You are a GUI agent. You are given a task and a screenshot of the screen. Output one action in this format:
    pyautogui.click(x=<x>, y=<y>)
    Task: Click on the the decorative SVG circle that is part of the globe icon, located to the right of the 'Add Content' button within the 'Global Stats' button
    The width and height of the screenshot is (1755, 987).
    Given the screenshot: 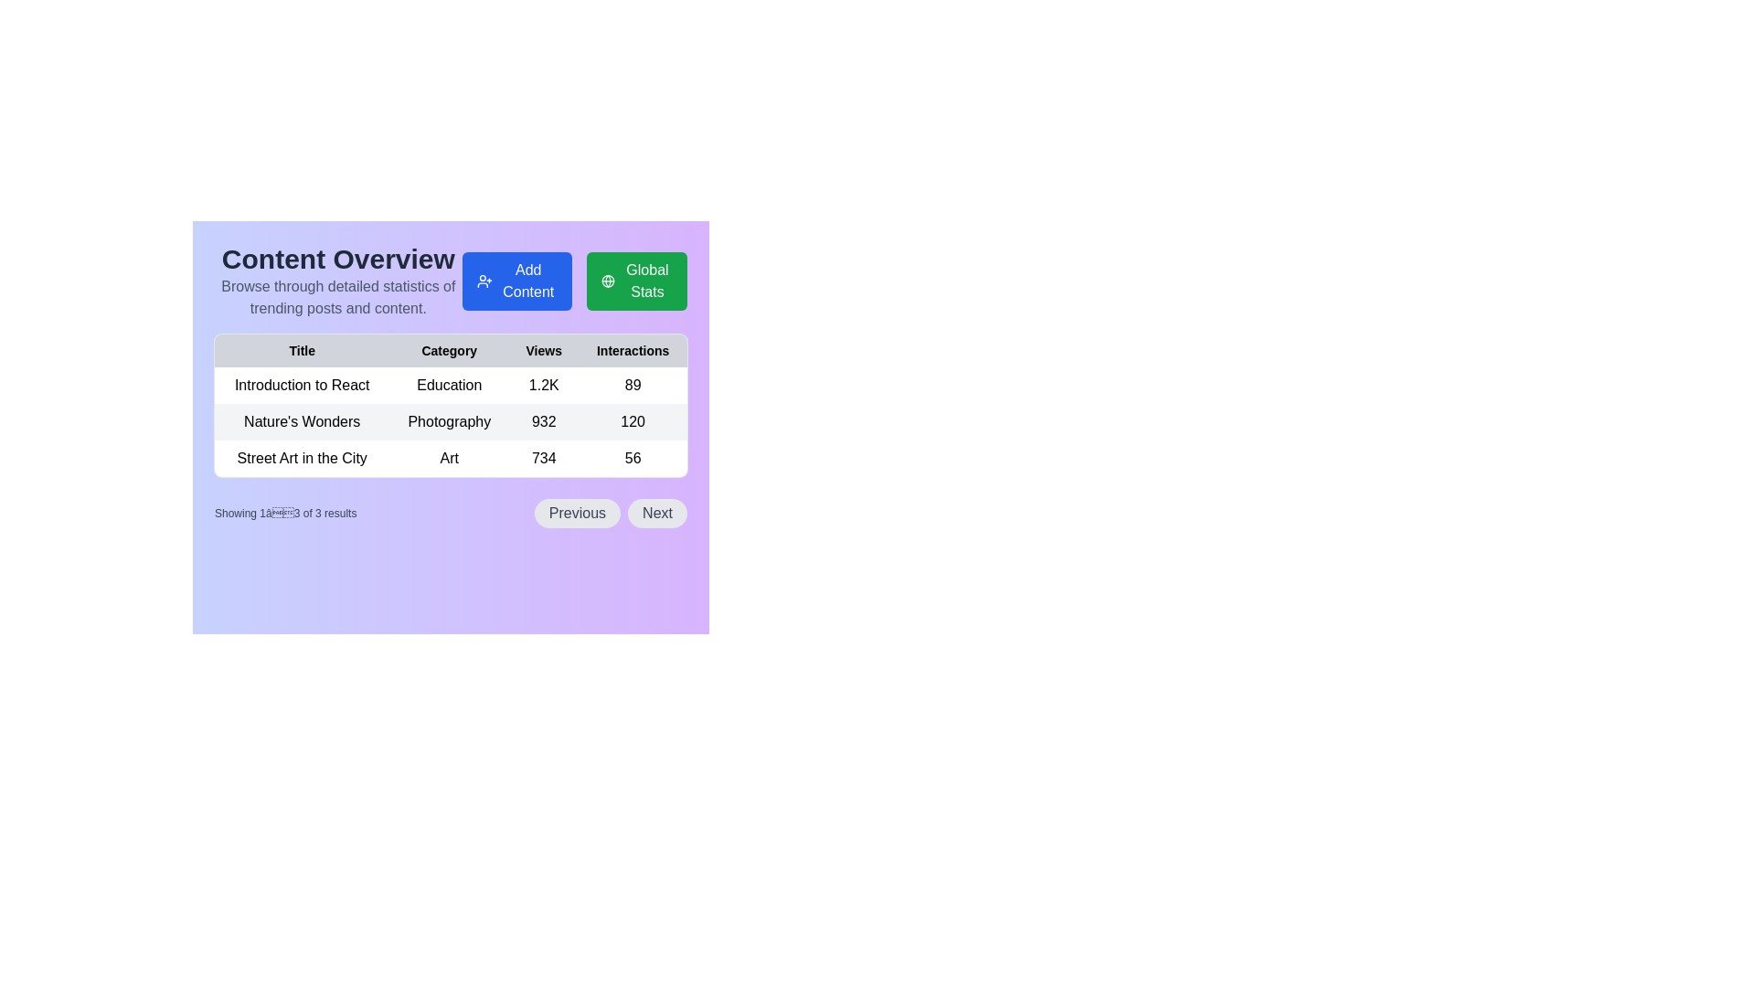 What is the action you would take?
    pyautogui.click(x=608, y=281)
    